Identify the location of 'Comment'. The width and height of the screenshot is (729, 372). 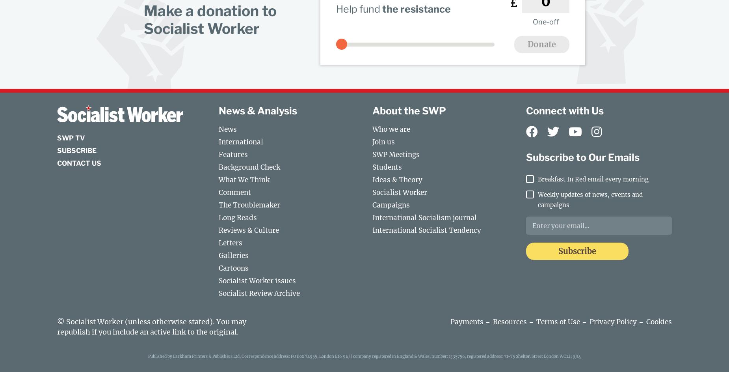
(219, 192).